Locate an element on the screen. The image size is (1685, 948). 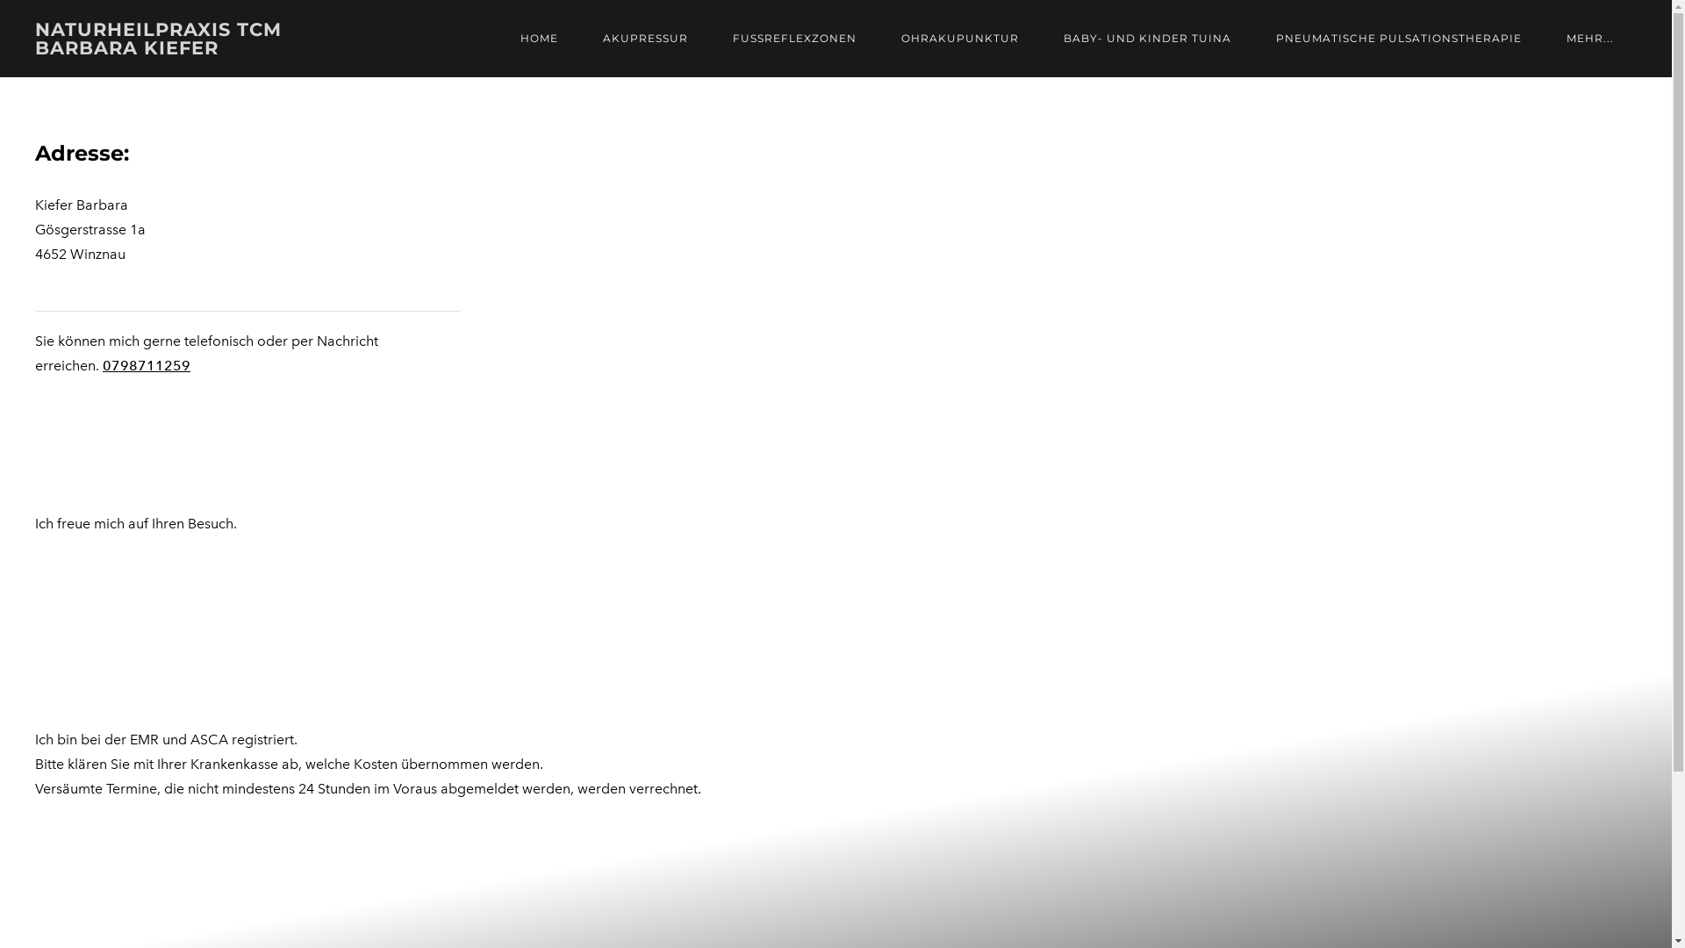
'MEHR...' is located at coordinates (1589, 38).